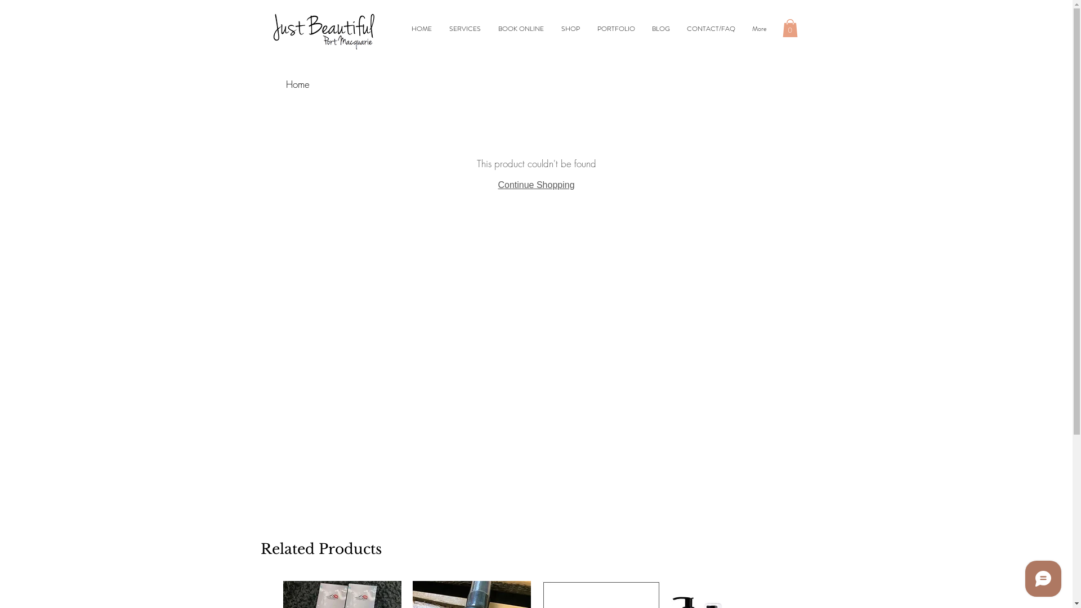  Describe the element at coordinates (553, 28) in the screenshot. I see `'SHOP'` at that location.